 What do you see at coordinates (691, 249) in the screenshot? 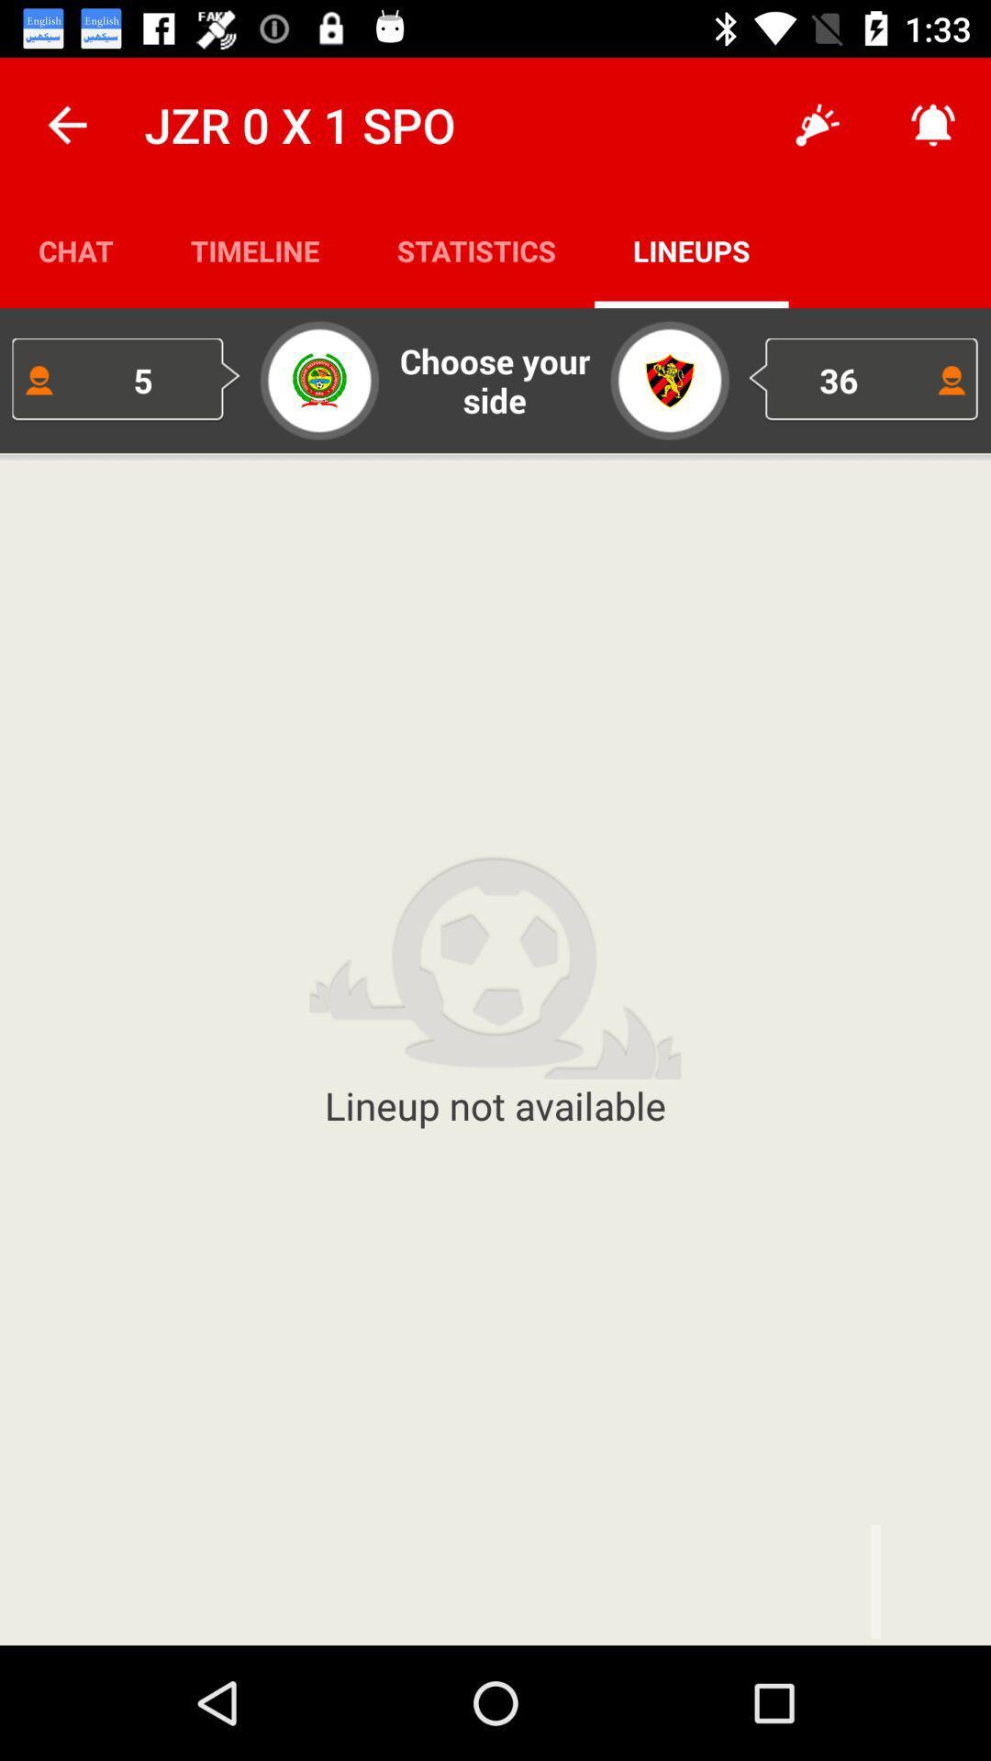
I see `the icon next to statistics` at bounding box center [691, 249].